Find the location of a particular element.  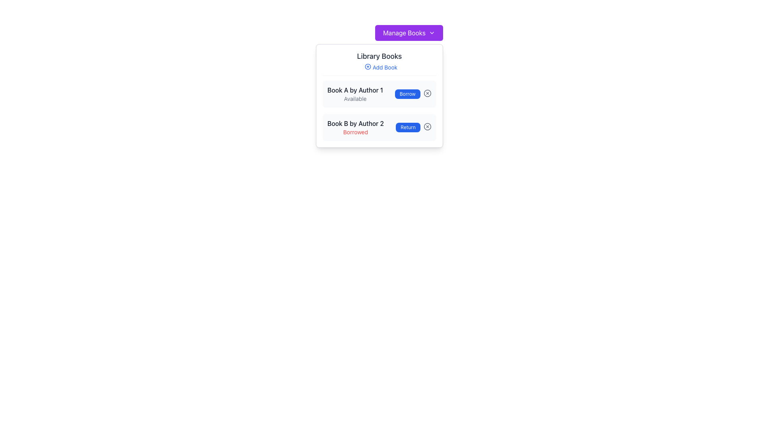

the text display showing 'Book B by Author 2' with the status 'Borrowed' located in the lower block of the library books list is located at coordinates (355, 127).